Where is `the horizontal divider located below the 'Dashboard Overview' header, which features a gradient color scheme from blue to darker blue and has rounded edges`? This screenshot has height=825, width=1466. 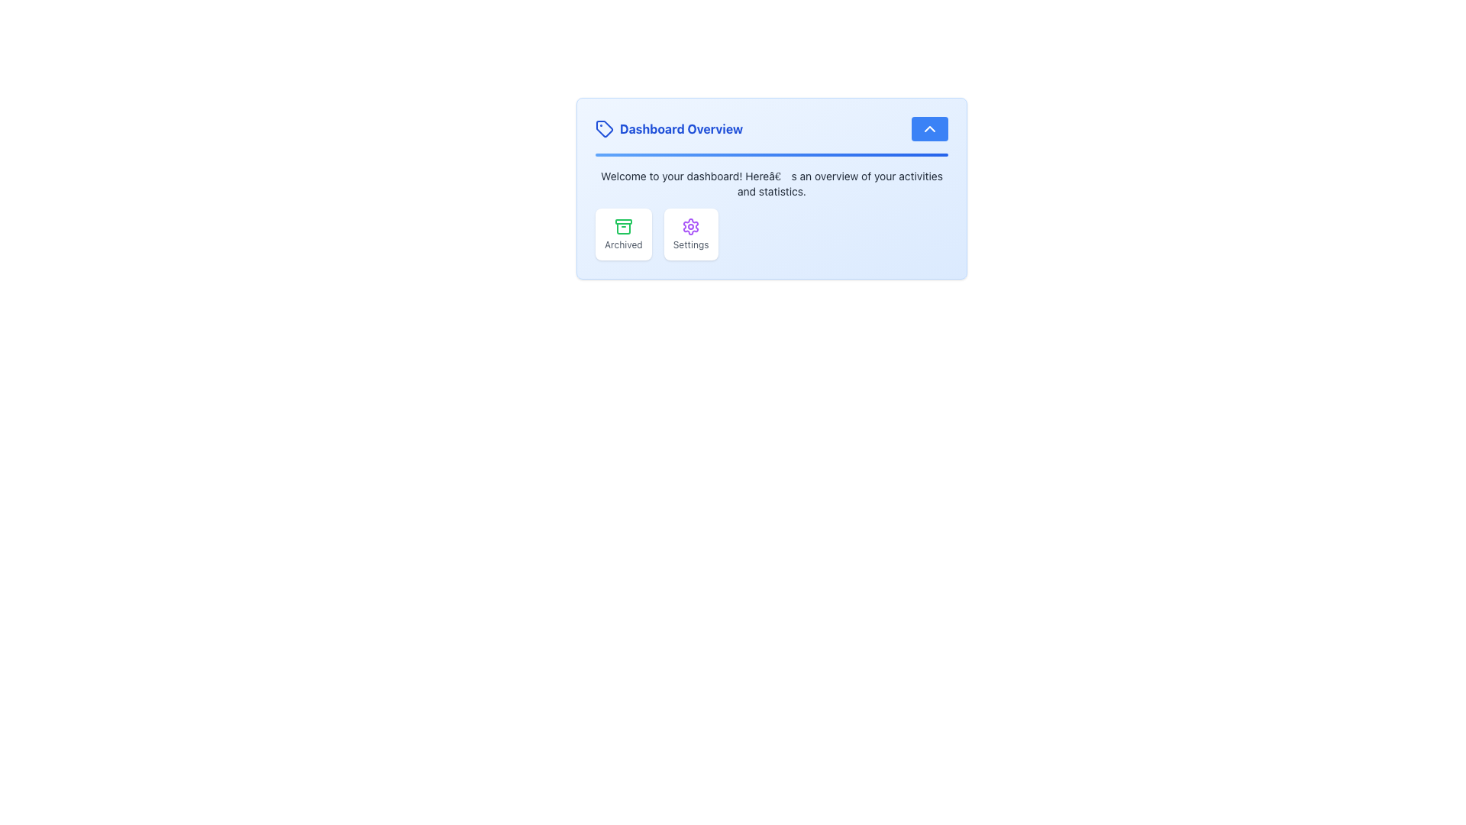
the horizontal divider located below the 'Dashboard Overview' header, which features a gradient color scheme from blue to darker blue and has rounded edges is located at coordinates (772, 155).